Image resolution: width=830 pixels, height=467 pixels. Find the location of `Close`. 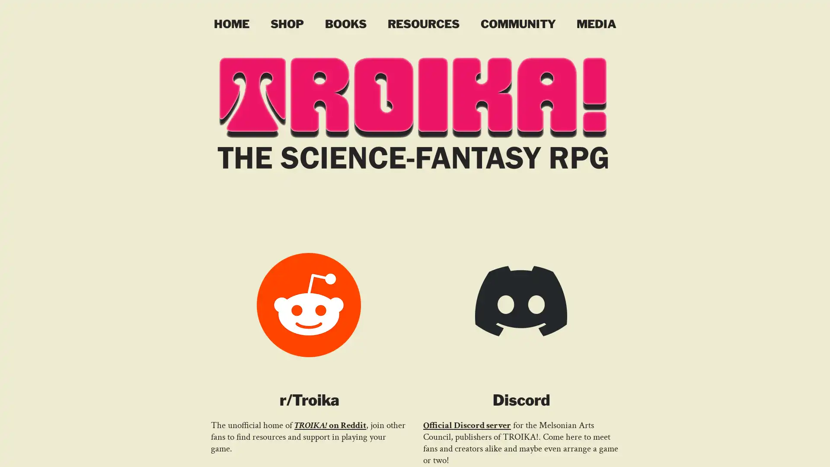

Close is located at coordinates (819, 451).